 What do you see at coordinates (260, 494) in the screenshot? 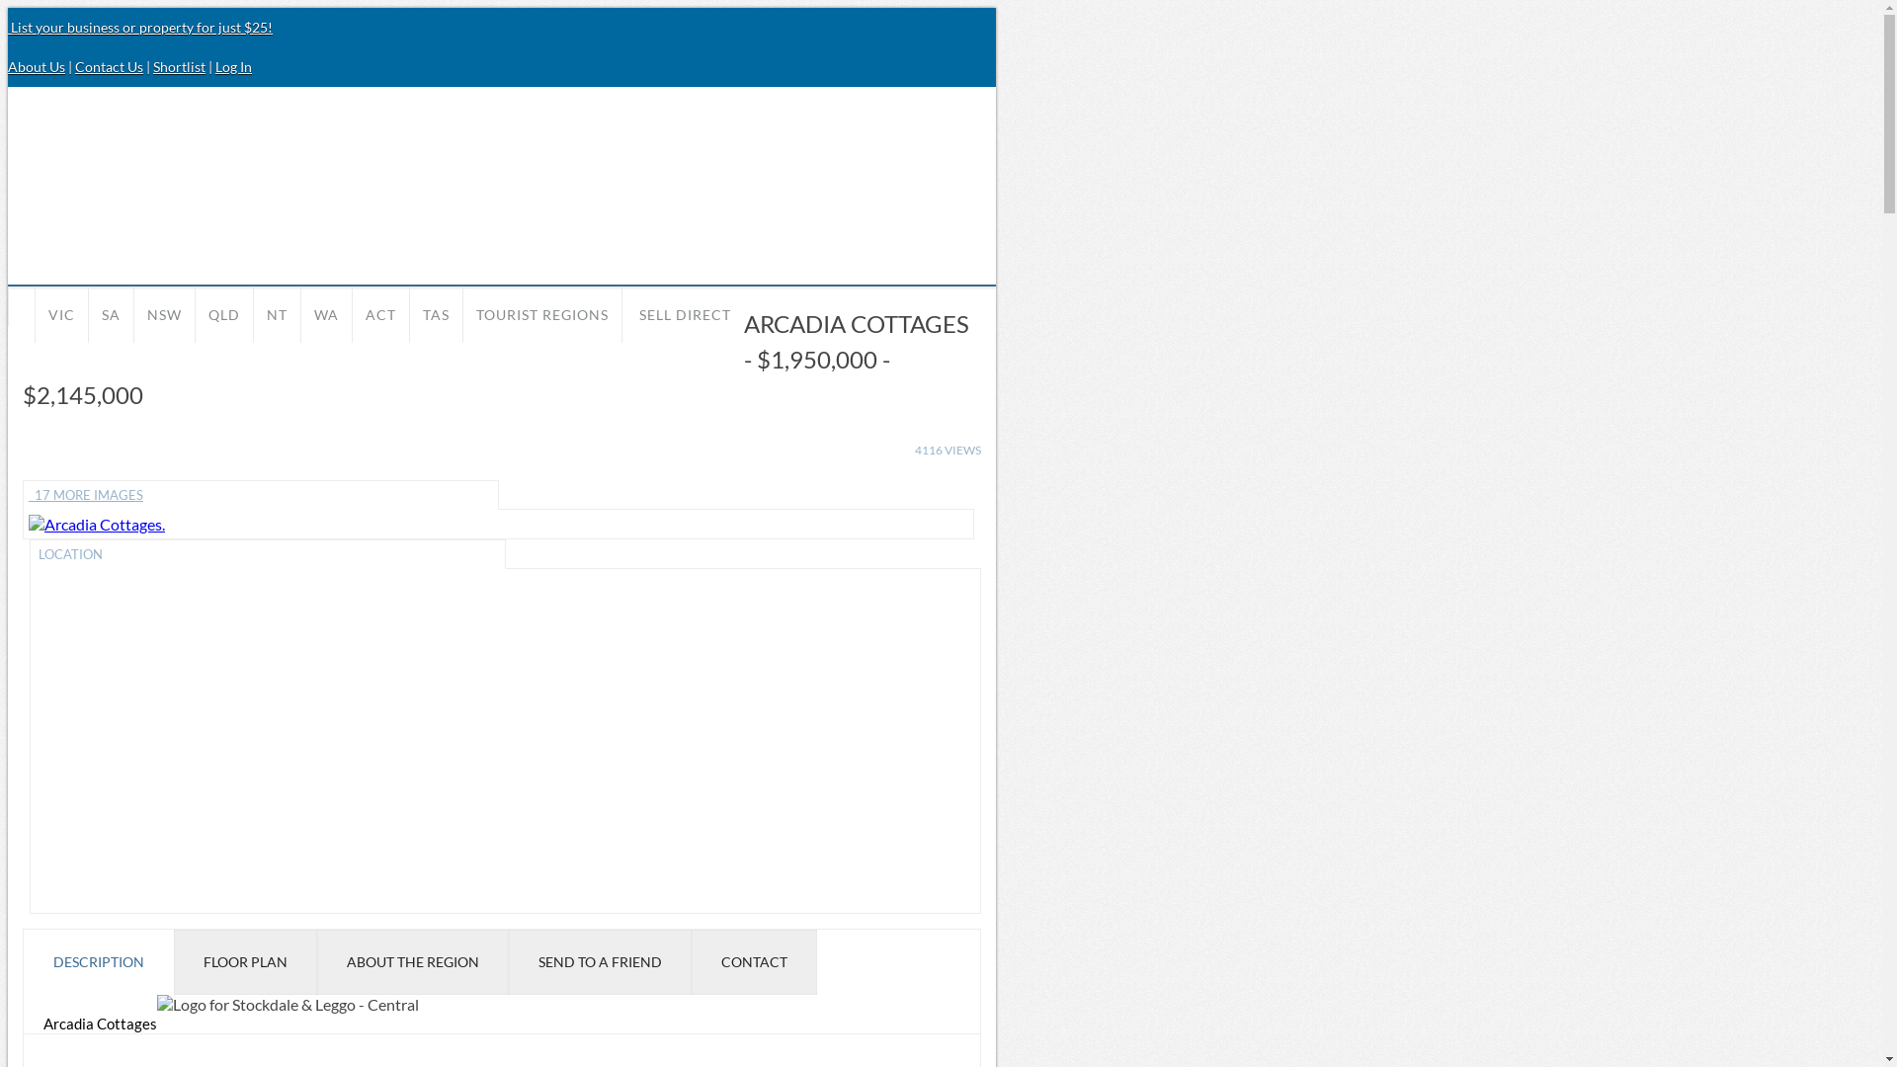
I see `'  17 MORE IMAGES'` at bounding box center [260, 494].